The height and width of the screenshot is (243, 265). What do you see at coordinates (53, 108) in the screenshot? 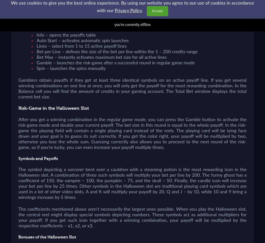
I see `'Risk-Game in the Halloween Slot'` at bounding box center [53, 108].